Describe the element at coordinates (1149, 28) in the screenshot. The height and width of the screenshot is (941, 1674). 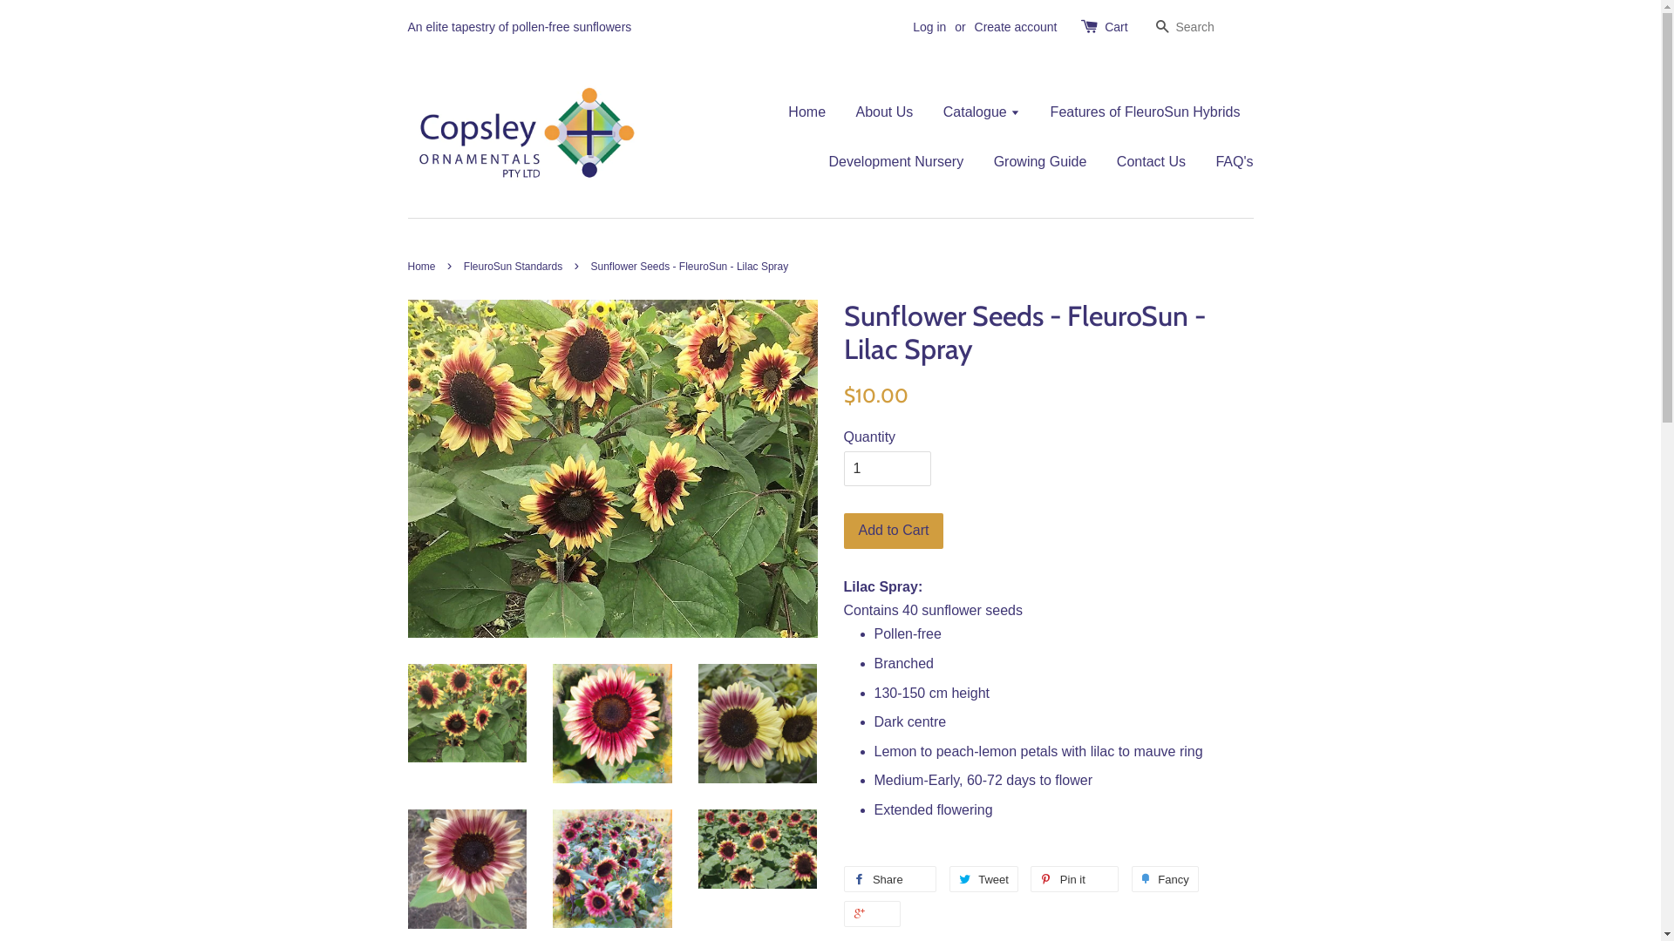
I see `'Search'` at that location.